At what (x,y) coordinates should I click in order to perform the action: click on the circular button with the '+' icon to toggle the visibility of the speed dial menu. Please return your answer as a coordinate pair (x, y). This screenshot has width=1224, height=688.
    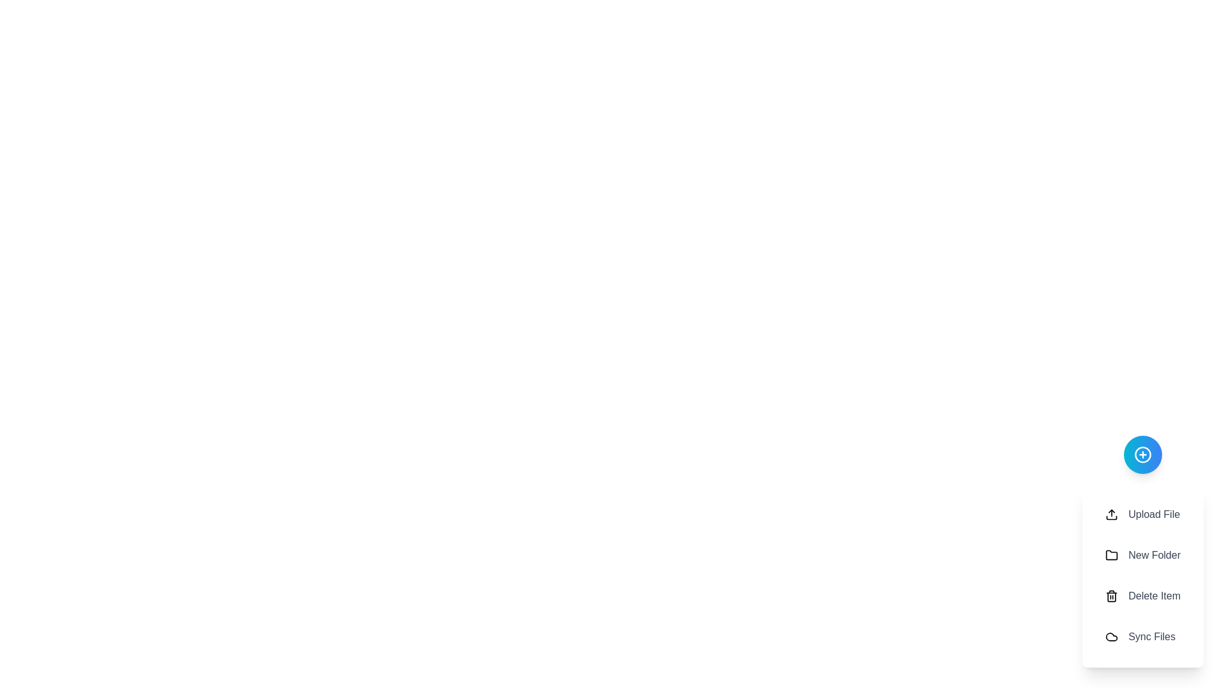
    Looking at the image, I should click on (1143, 454).